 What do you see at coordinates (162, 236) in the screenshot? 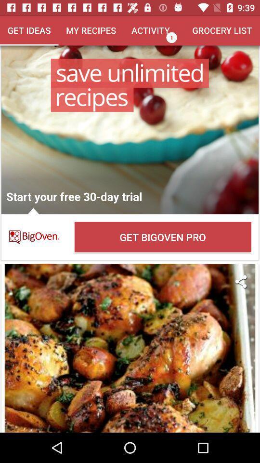
I see `the get bigoven pro` at bounding box center [162, 236].